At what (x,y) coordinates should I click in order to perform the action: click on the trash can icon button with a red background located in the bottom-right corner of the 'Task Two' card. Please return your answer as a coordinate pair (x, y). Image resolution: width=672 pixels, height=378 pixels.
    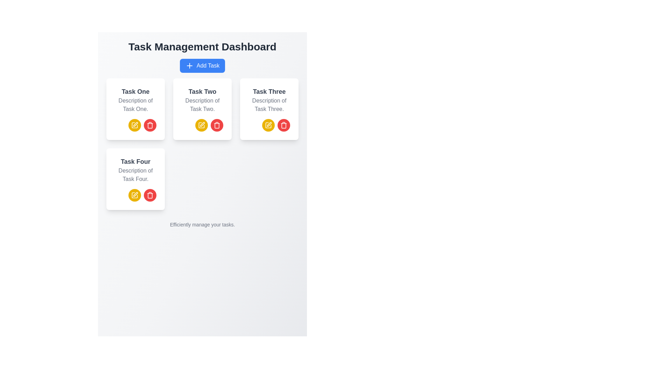
    Looking at the image, I should click on (216, 125).